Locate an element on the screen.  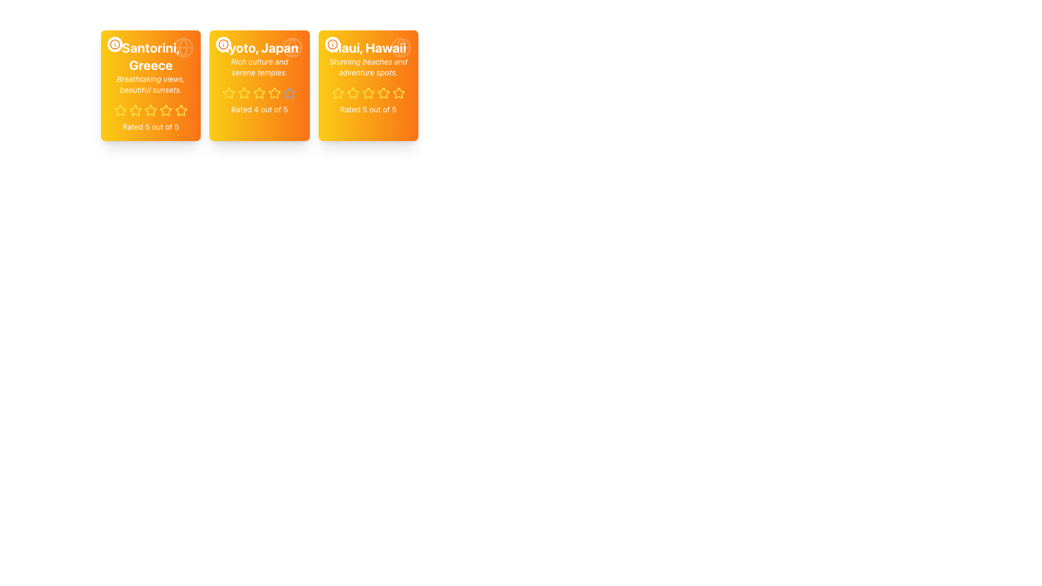
the circular informational icon within the card detailing 'Maui, Hawaii' is located at coordinates (332, 43).